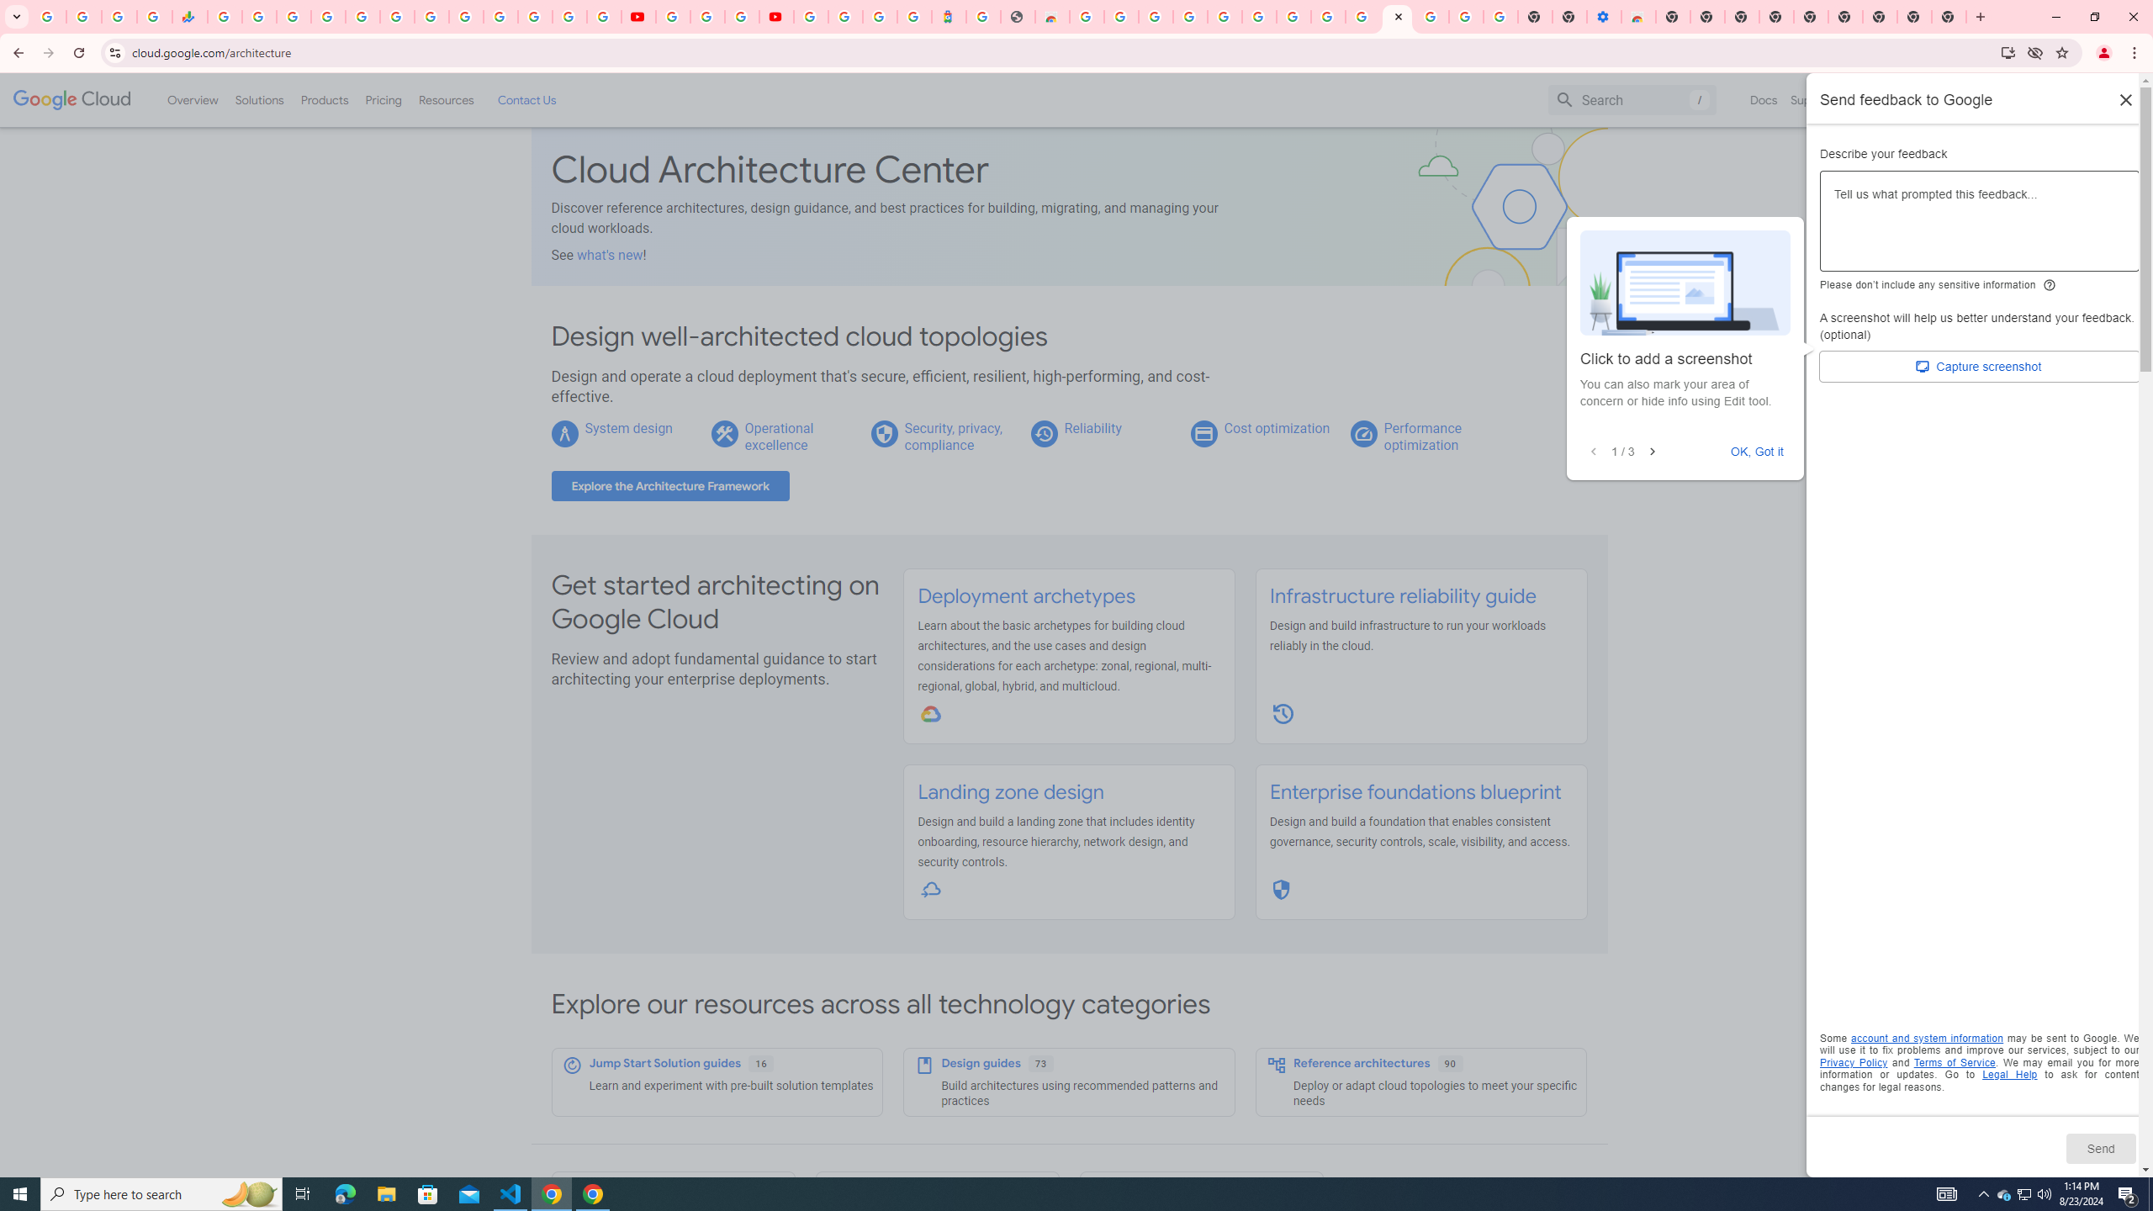 Image resolution: width=2153 pixels, height=1211 pixels. Describe the element at coordinates (778, 436) in the screenshot. I see `'Operational excellence'` at that location.